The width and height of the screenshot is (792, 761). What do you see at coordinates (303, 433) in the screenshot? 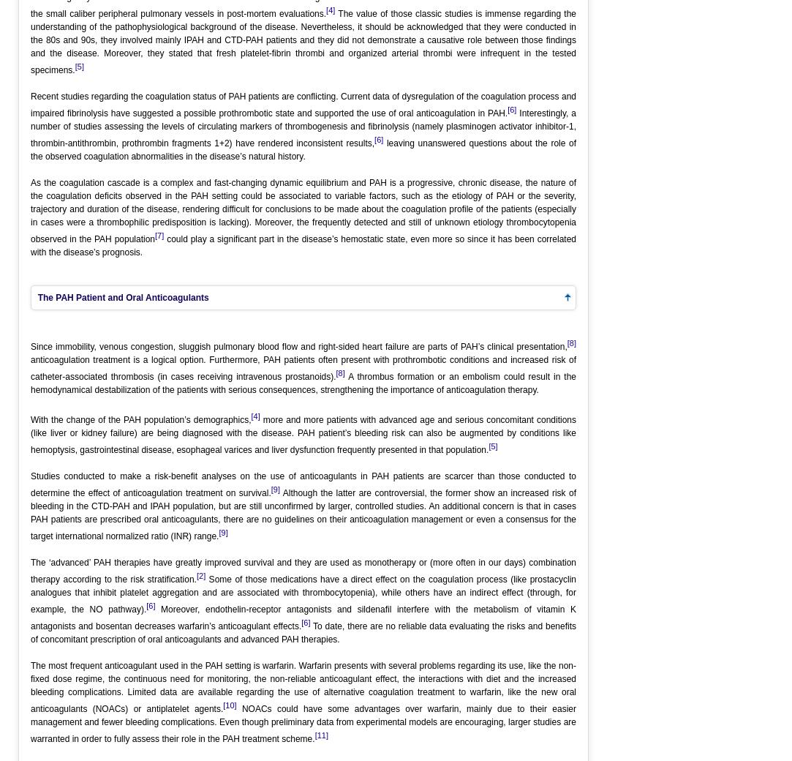
I see `'more and more patients with advanced age and serious concomitant conditions (like liver or kidney failure) are being diagnosed with the disease. PAH patient’s bleeding risk can also be augmented by conditions like hemoptysis, gastrointestinal disease, esophageal varices and liver dysfunction frequently presented in that population.'` at bounding box center [303, 433].